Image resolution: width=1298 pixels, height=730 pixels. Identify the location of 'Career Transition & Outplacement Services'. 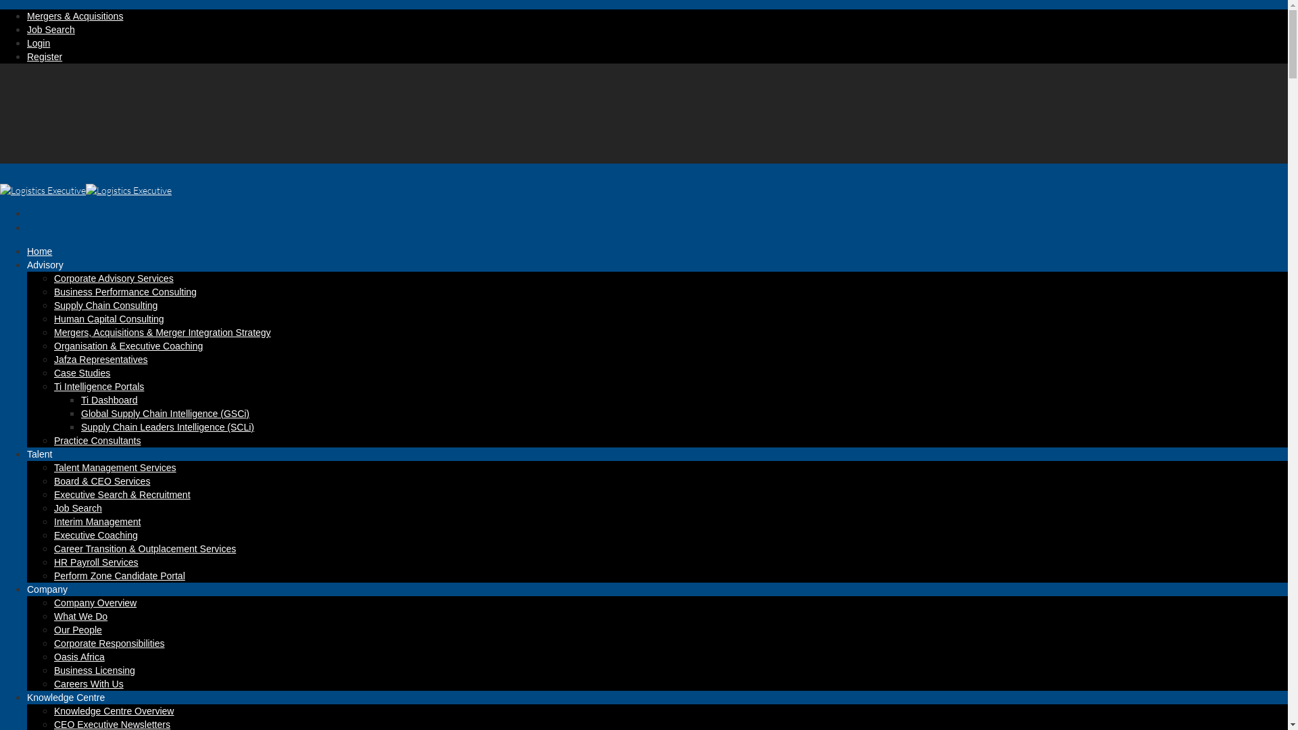
(145, 549).